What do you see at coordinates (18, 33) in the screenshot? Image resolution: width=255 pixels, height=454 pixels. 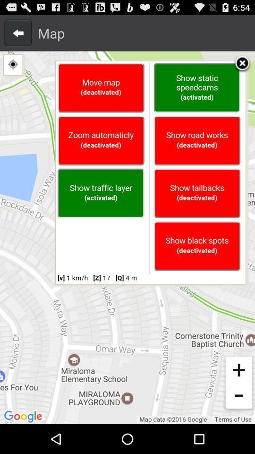 I see `go back` at bounding box center [18, 33].